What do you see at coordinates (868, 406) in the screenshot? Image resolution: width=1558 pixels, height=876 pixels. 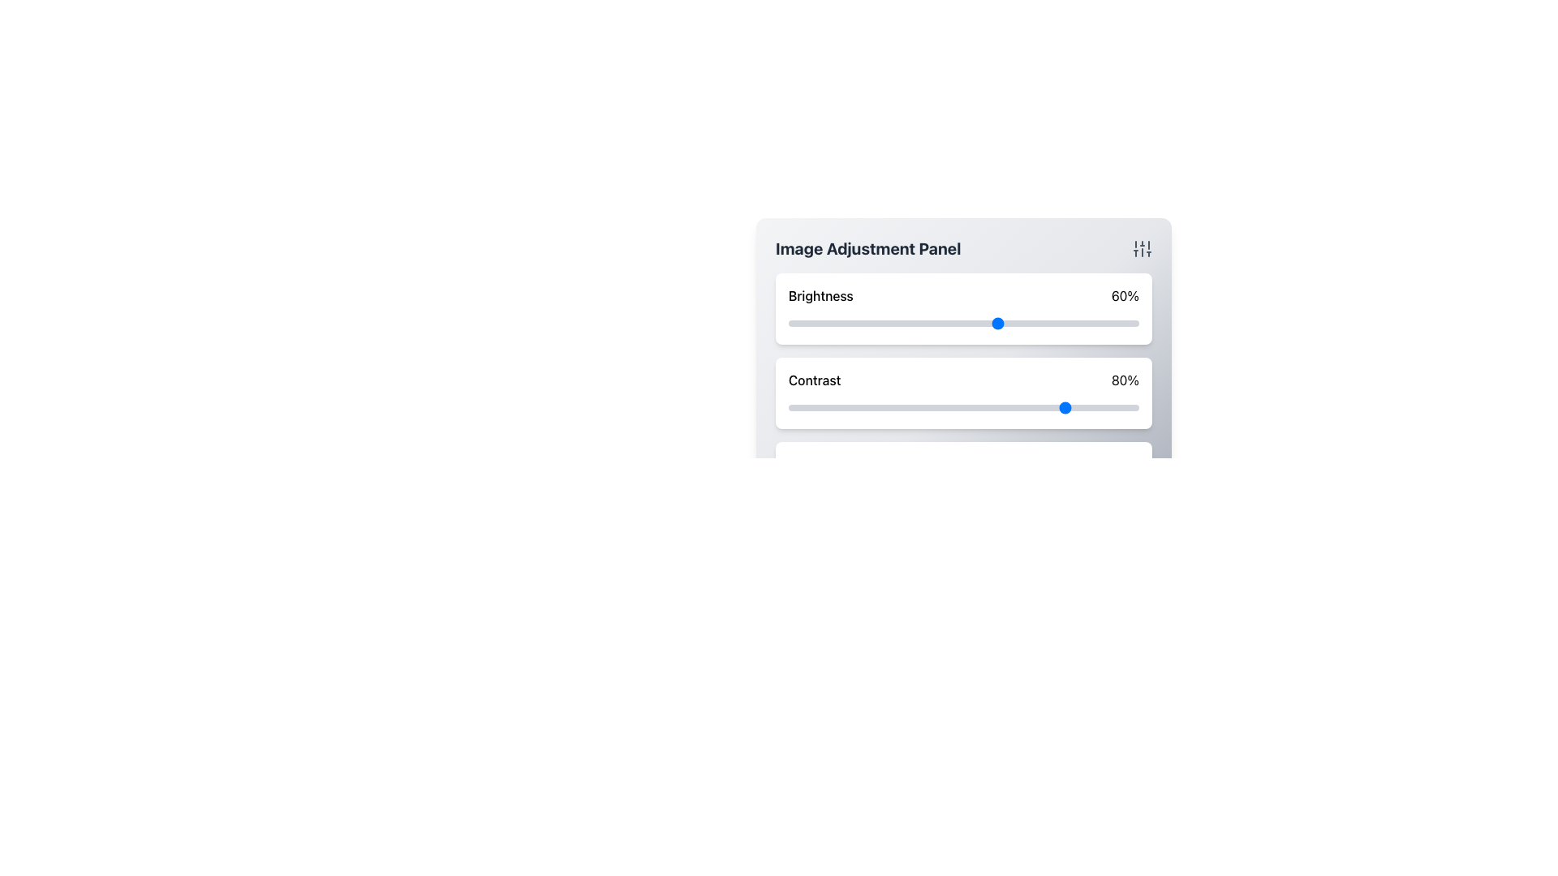 I see `contrast` at bounding box center [868, 406].